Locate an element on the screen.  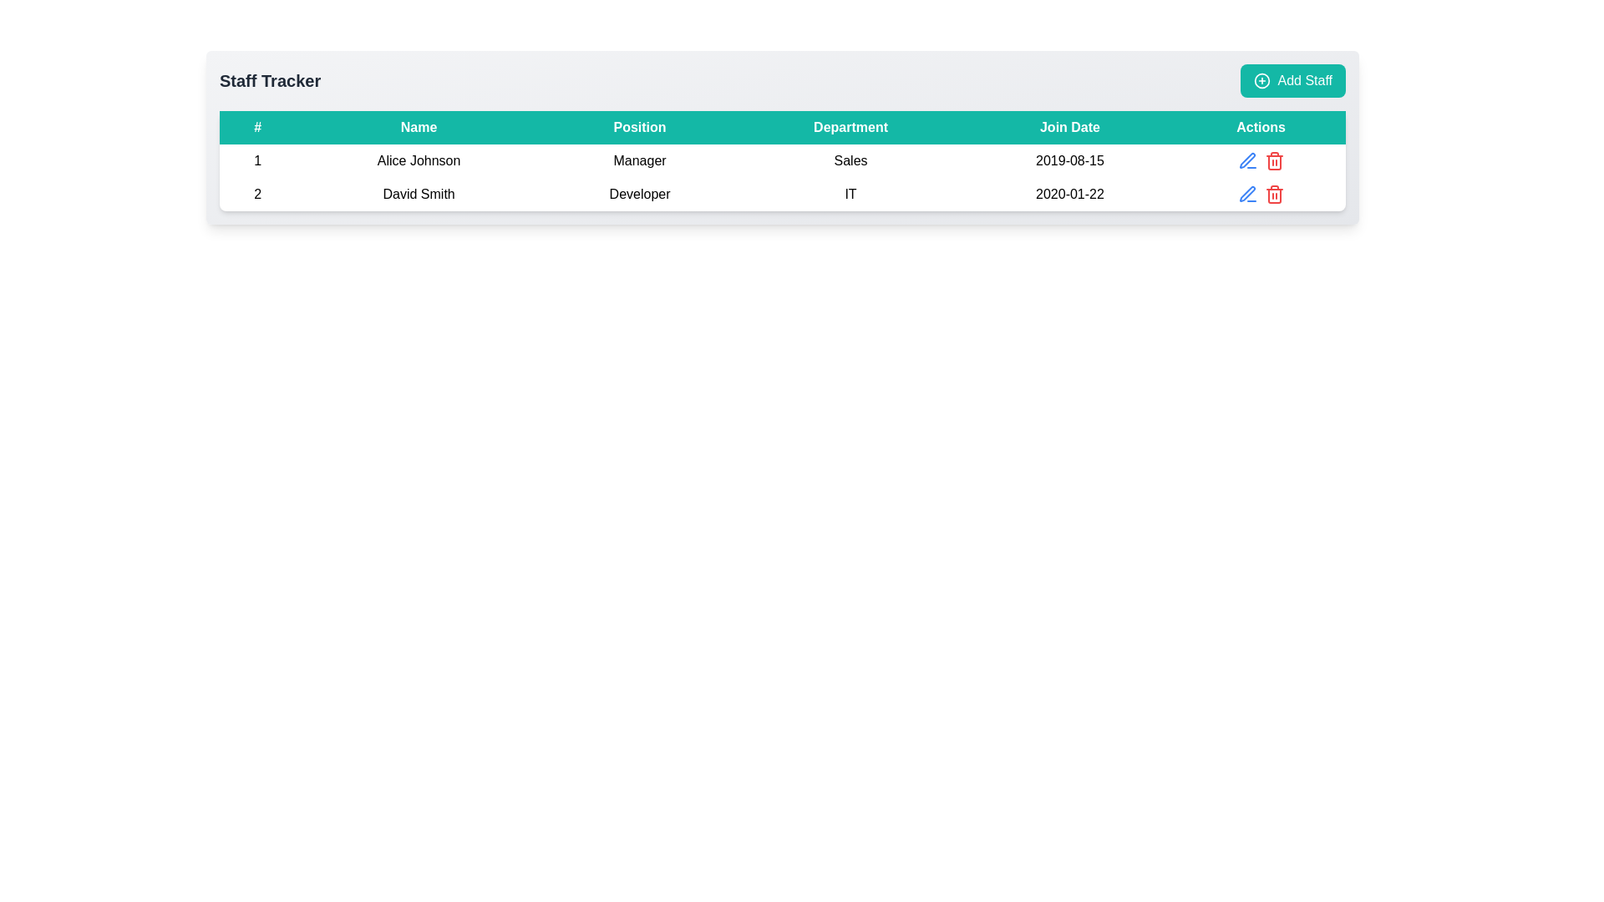
the text label displaying 'Sales' located in the 'Department' column of the table, corresponding to the row of 'Alice Johnson' is located at coordinates (850, 160).